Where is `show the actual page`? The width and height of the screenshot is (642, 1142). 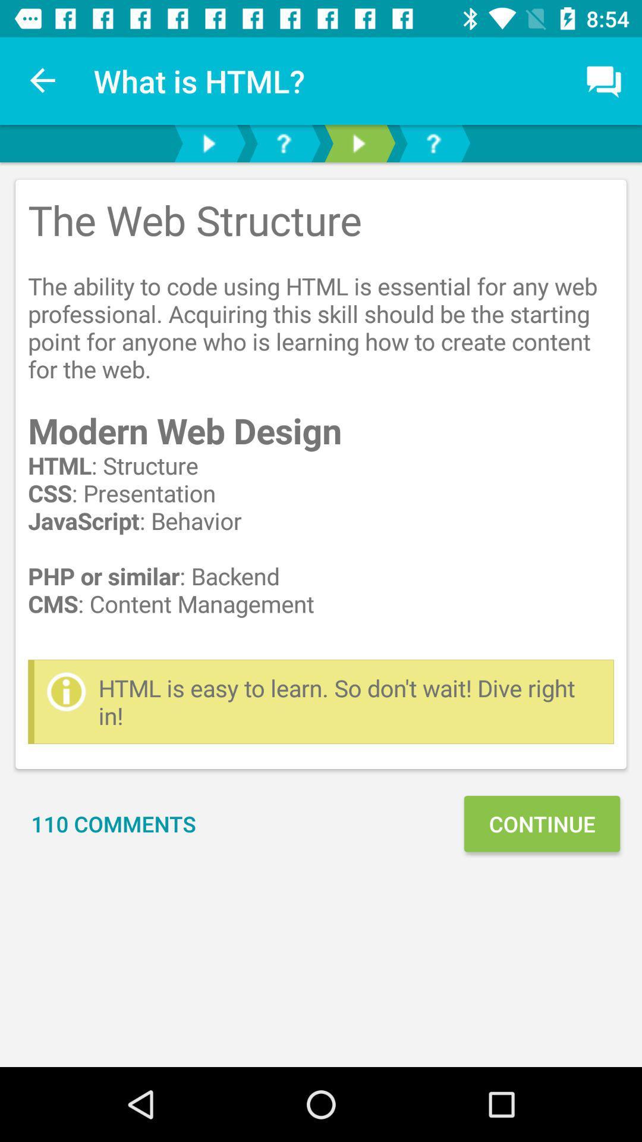
show the actual page is located at coordinates (357, 143).